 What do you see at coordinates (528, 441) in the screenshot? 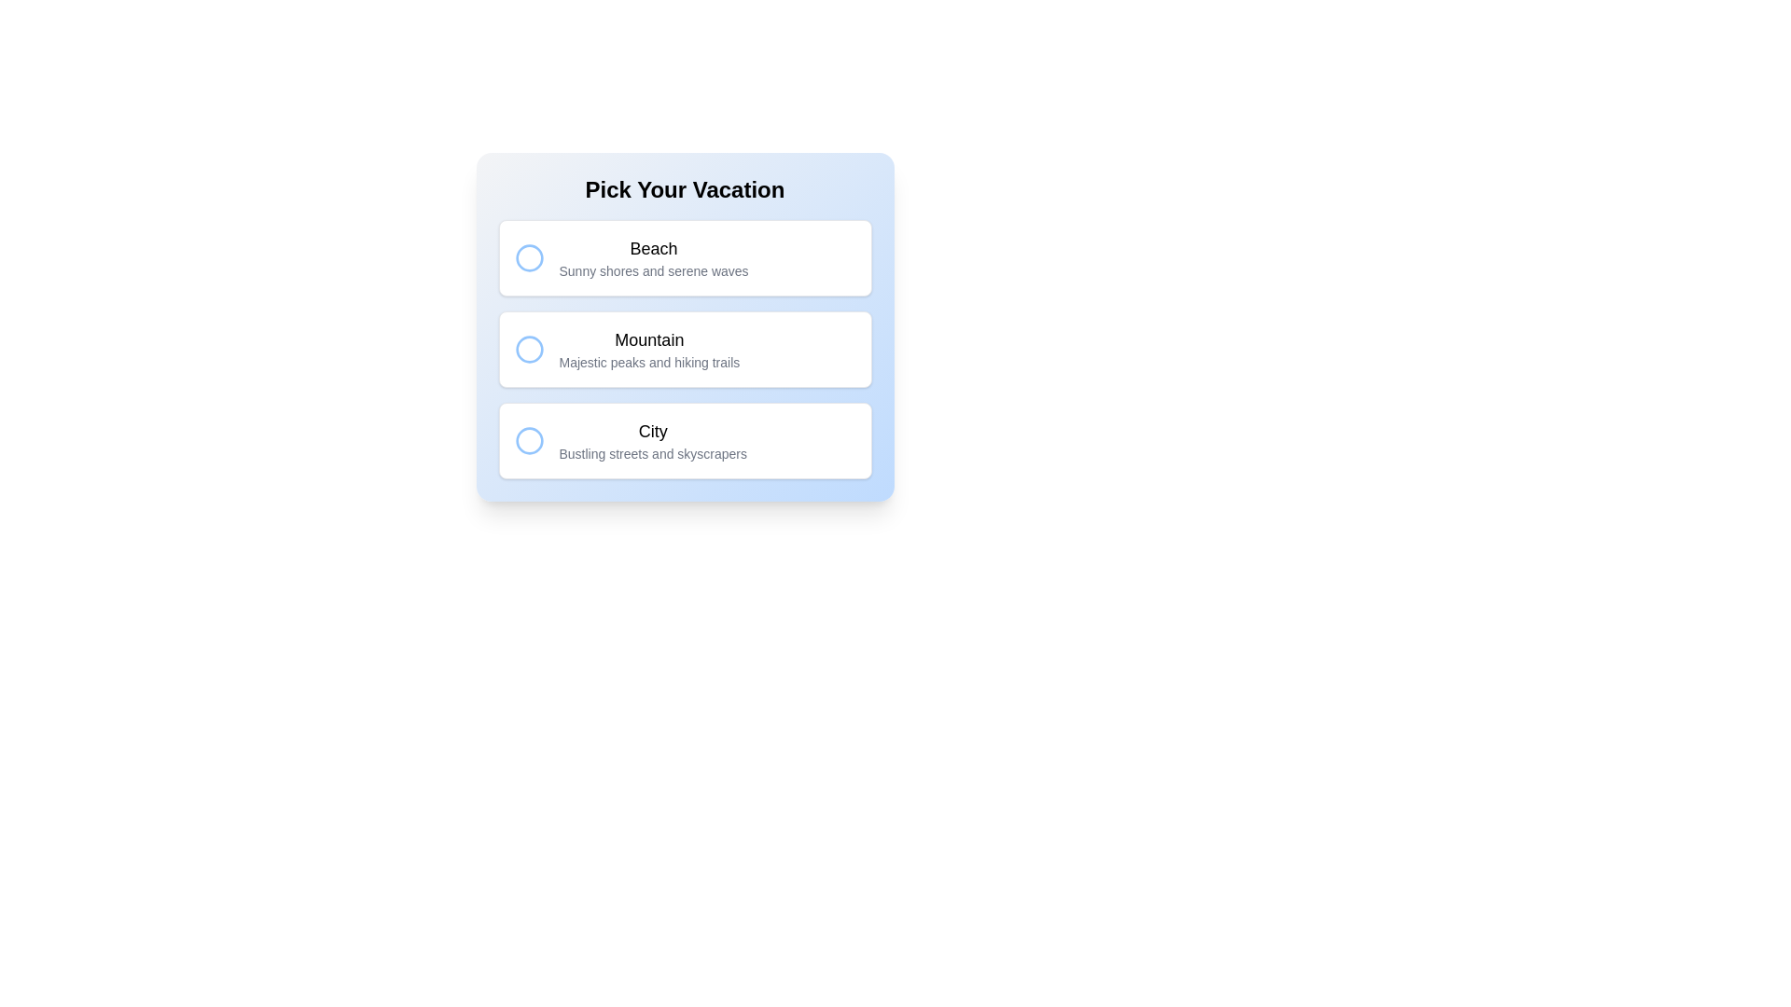
I see `the circular radio button with a blue border located to the left of the 'City' option in the 'Pick Your Vacation' list` at bounding box center [528, 441].